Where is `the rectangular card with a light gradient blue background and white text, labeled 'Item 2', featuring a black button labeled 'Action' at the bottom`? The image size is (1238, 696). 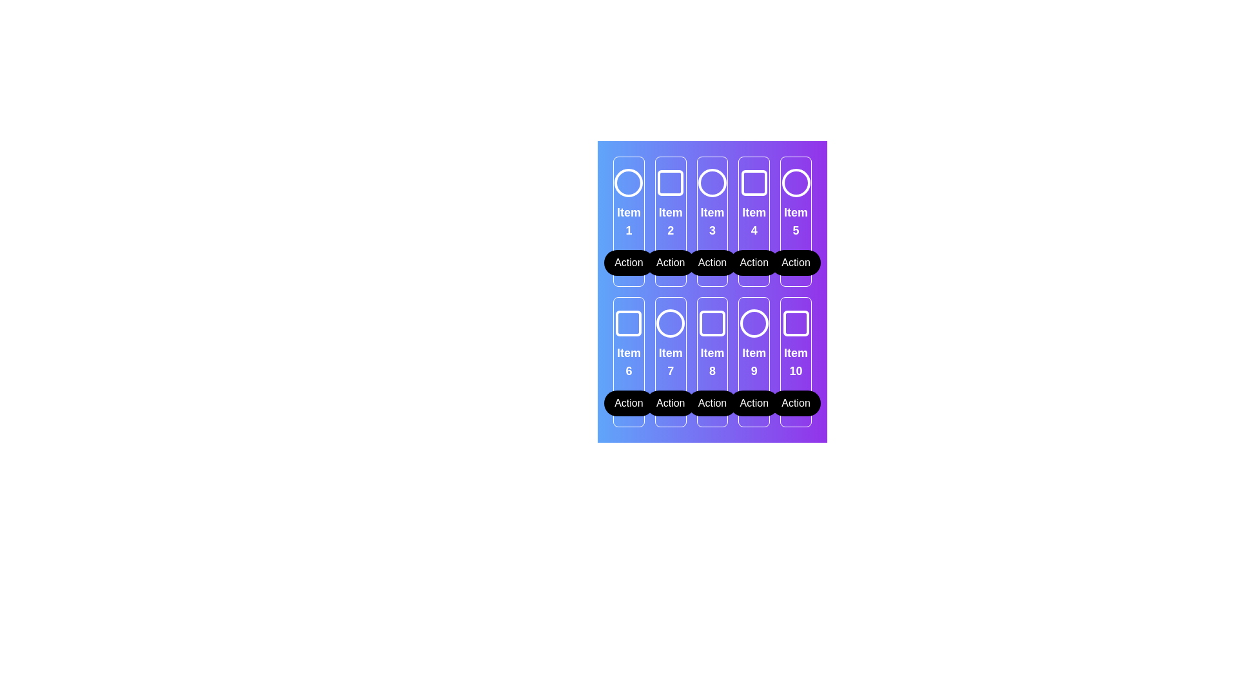
the rectangular card with a light gradient blue background and white text, labeled 'Item 2', featuring a black button labeled 'Action' at the bottom is located at coordinates (671, 220).